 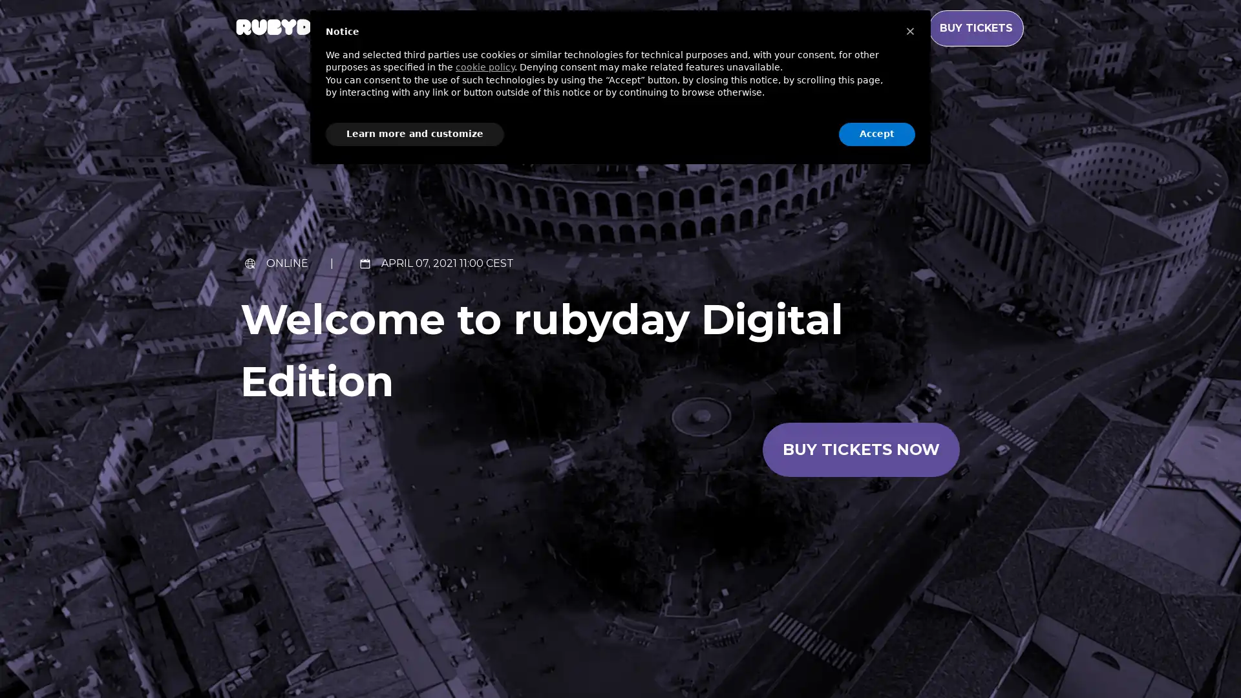 I want to click on Buy tickets now, so click(x=860, y=448).